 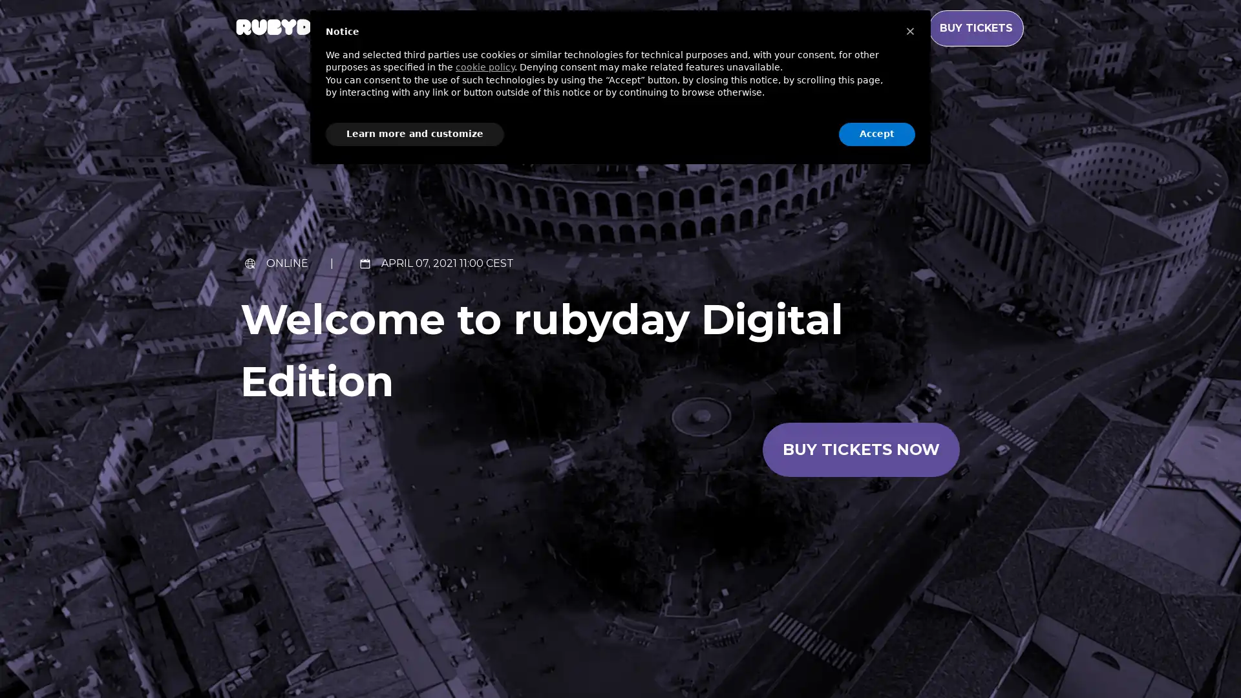 I want to click on Buy tickets now, so click(x=860, y=448).